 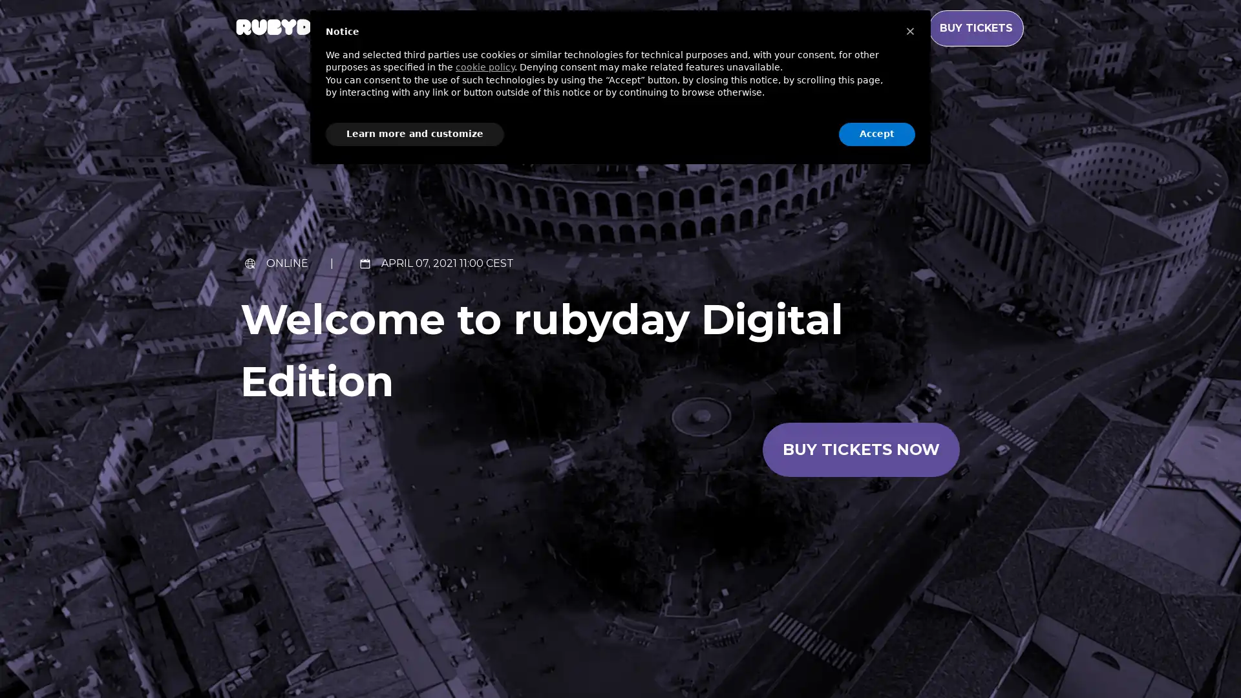 I want to click on Buy tickets now, so click(x=860, y=448).